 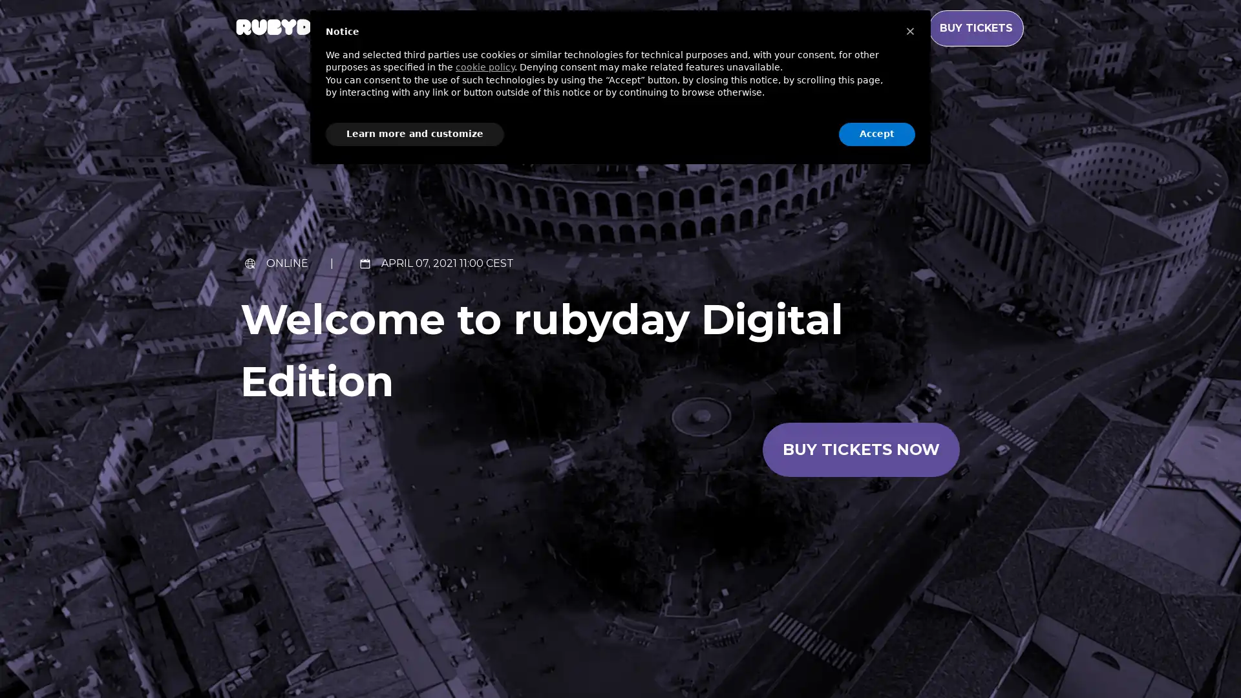 I want to click on Buy tickets now, so click(x=860, y=448).